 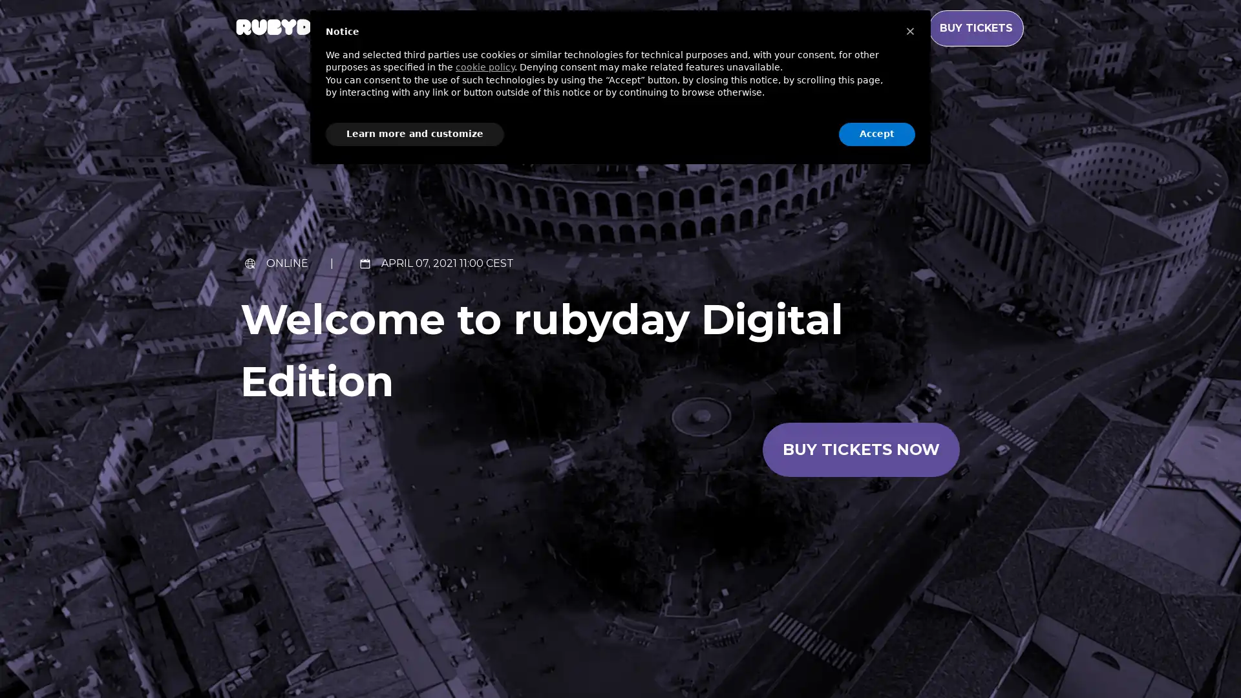 I want to click on Buy tickets now, so click(x=860, y=448).